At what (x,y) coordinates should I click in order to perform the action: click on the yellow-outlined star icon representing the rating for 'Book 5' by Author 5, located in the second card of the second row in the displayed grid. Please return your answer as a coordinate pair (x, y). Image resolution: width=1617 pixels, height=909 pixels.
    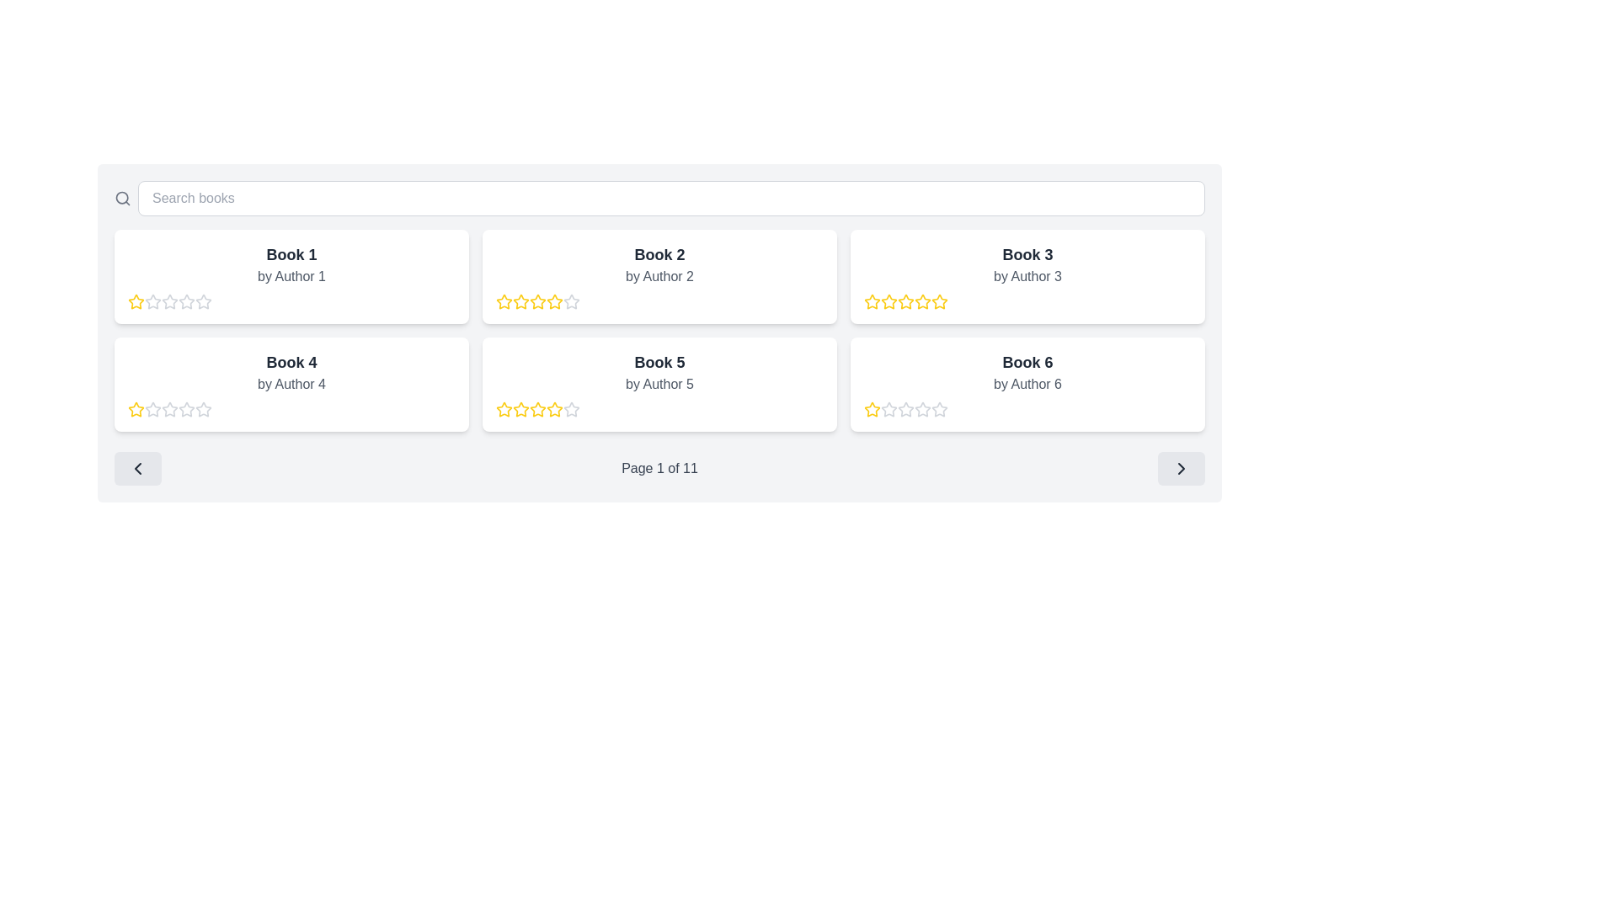
    Looking at the image, I should click on (504, 409).